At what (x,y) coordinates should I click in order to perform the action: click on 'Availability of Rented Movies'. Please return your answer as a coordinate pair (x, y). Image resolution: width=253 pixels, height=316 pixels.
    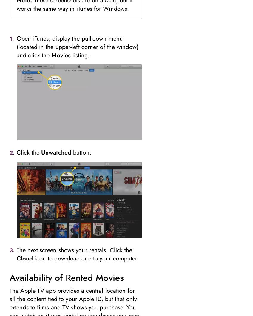
    Looking at the image, I should click on (66, 278).